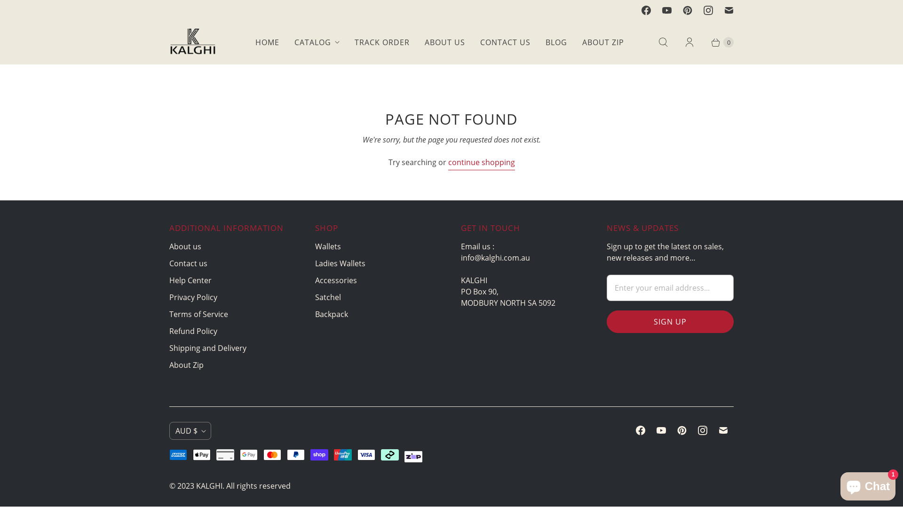  Describe the element at coordinates (169, 314) in the screenshot. I see `'Terms of Service'` at that location.